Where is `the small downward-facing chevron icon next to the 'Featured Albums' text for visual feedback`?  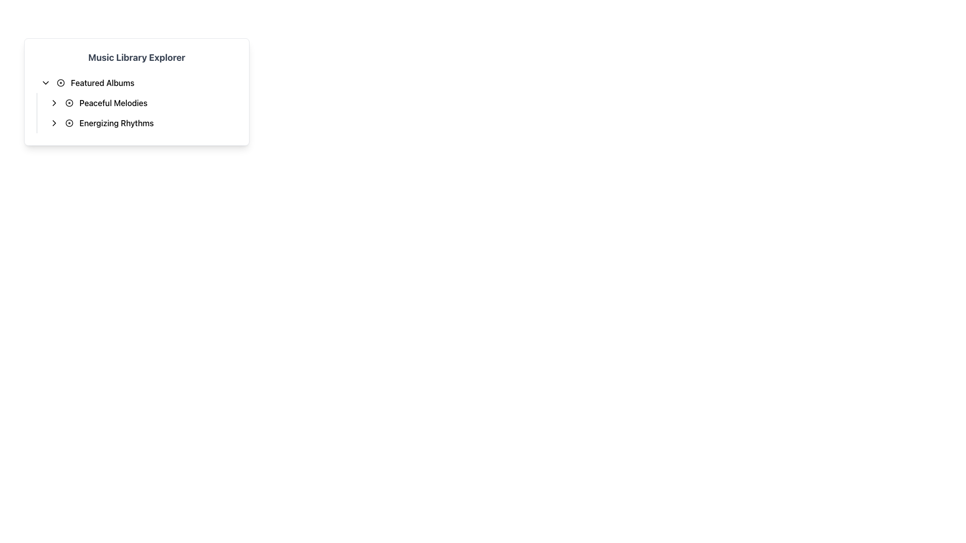
the small downward-facing chevron icon next to the 'Featured Albums' text for visual feedback is located at coordinates (45, 82).